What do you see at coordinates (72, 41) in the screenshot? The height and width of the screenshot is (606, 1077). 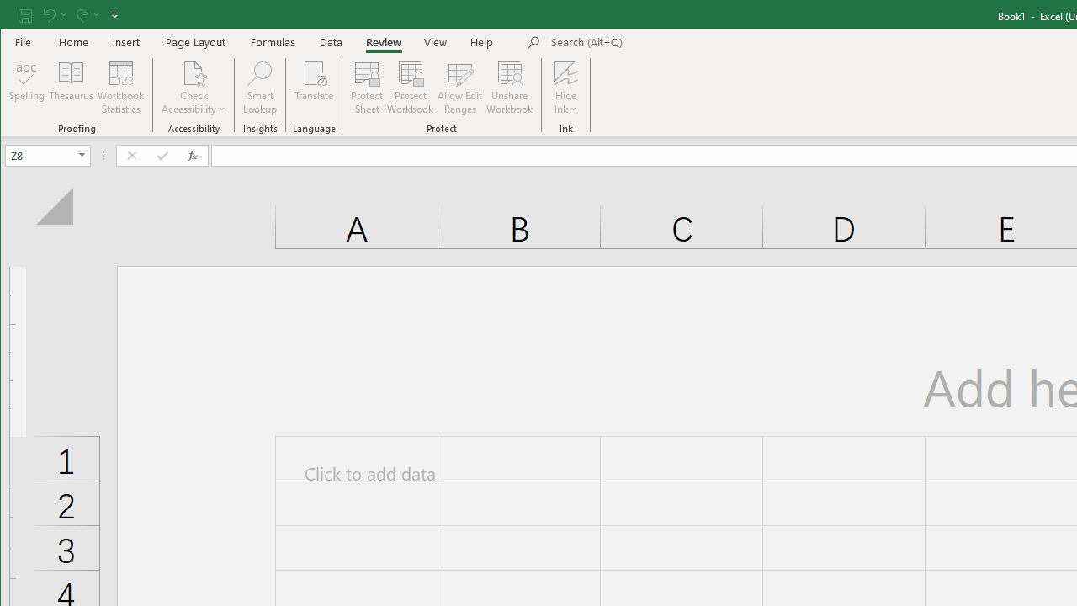 I see `'Home'` at bounding box center [72, 41].